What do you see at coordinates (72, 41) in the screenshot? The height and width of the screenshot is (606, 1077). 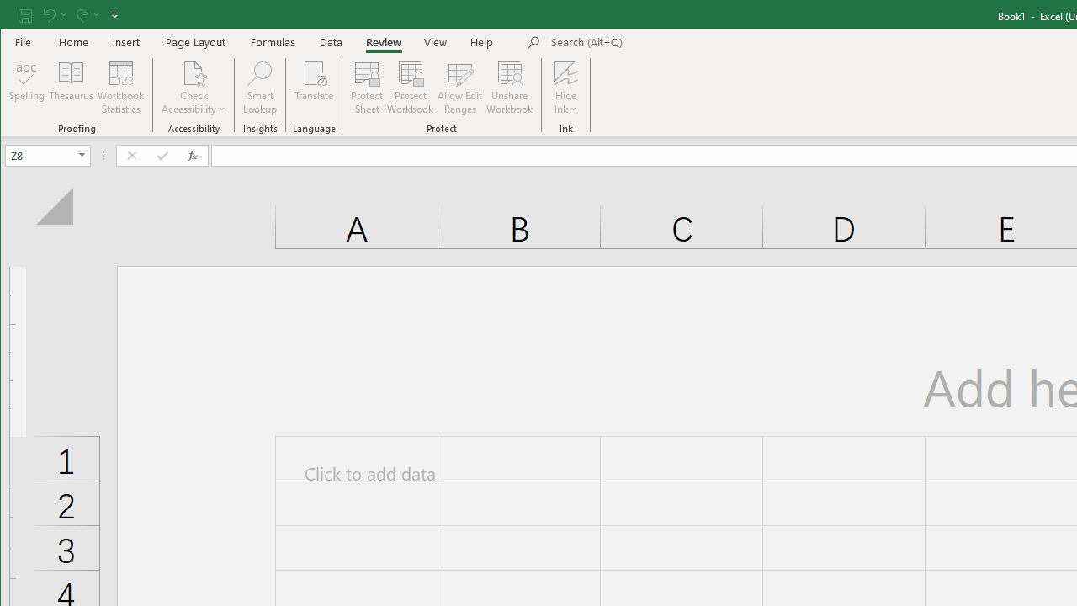 I see `'Home'` at bounding box center [72, 41].